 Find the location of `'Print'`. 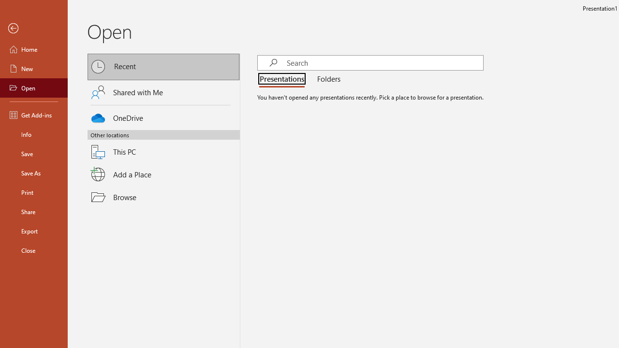

'Print' is located at coordinates (33, 192).